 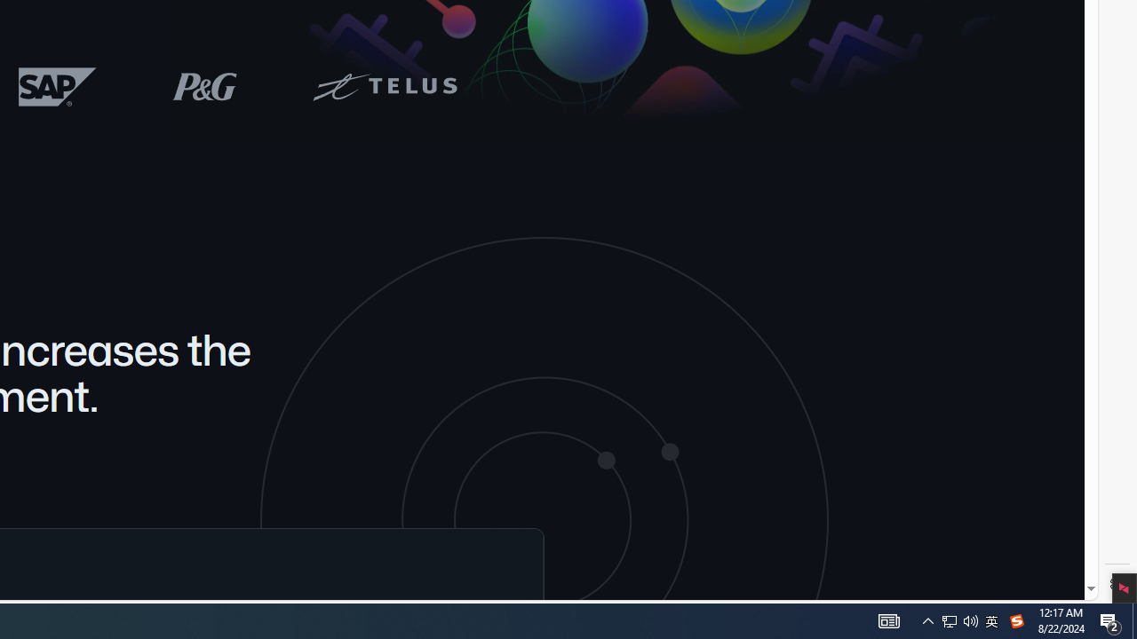 What do you see at coordinates (205, 86) in the screenshot?
I see `'P&G logo'` at bounding box center [205, 86].